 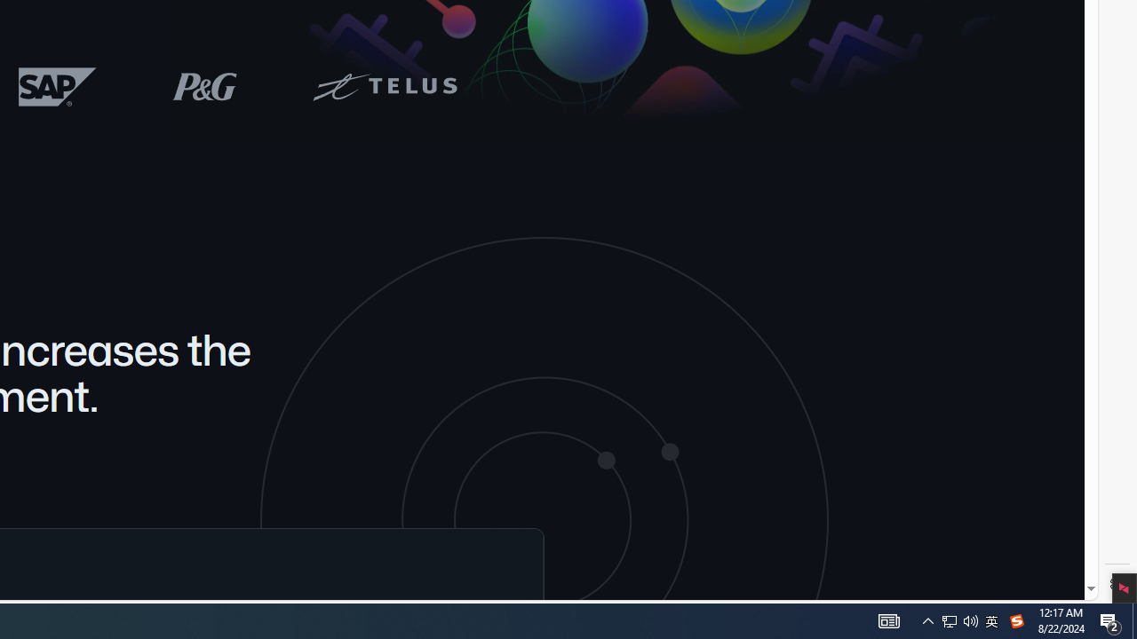 What do you see at coordinates (205, 86) in the screenshot?
I see `'P&G logo'` at bounding box center [205, 86].